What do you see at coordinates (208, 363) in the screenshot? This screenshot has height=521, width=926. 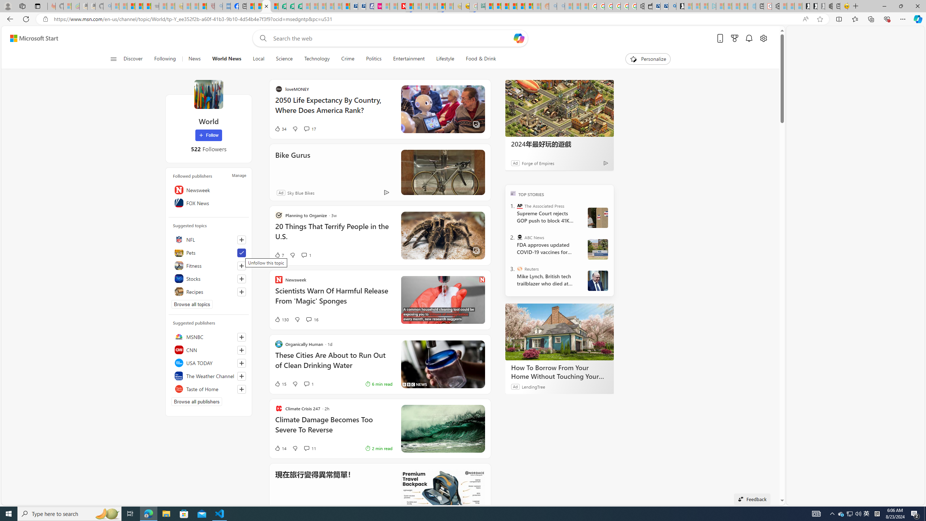 I see `'USA TODAY'` at bounding box center [208, 363].